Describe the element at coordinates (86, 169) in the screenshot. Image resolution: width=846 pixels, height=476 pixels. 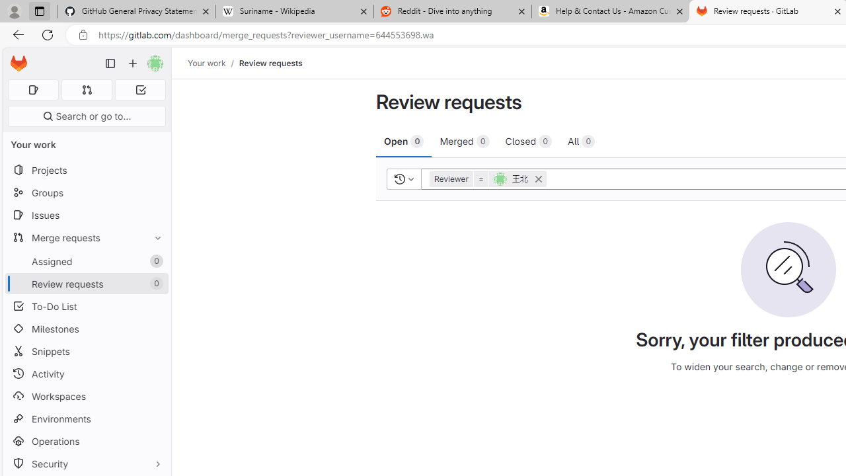
I see `'Projects'` at that location.